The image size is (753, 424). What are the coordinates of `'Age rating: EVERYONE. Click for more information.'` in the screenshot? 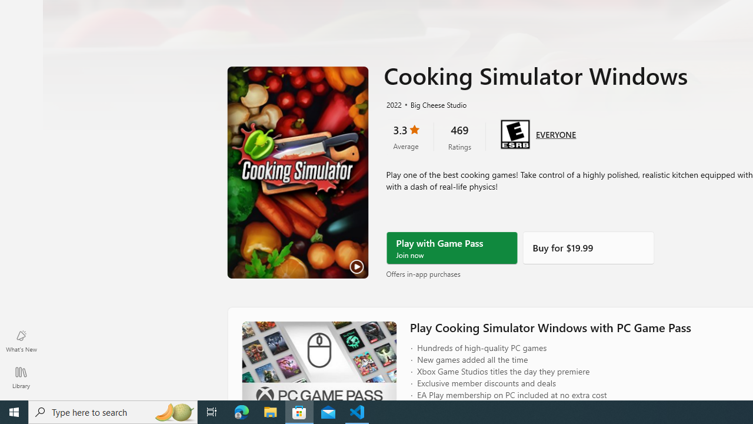 It's located at (555, 132).